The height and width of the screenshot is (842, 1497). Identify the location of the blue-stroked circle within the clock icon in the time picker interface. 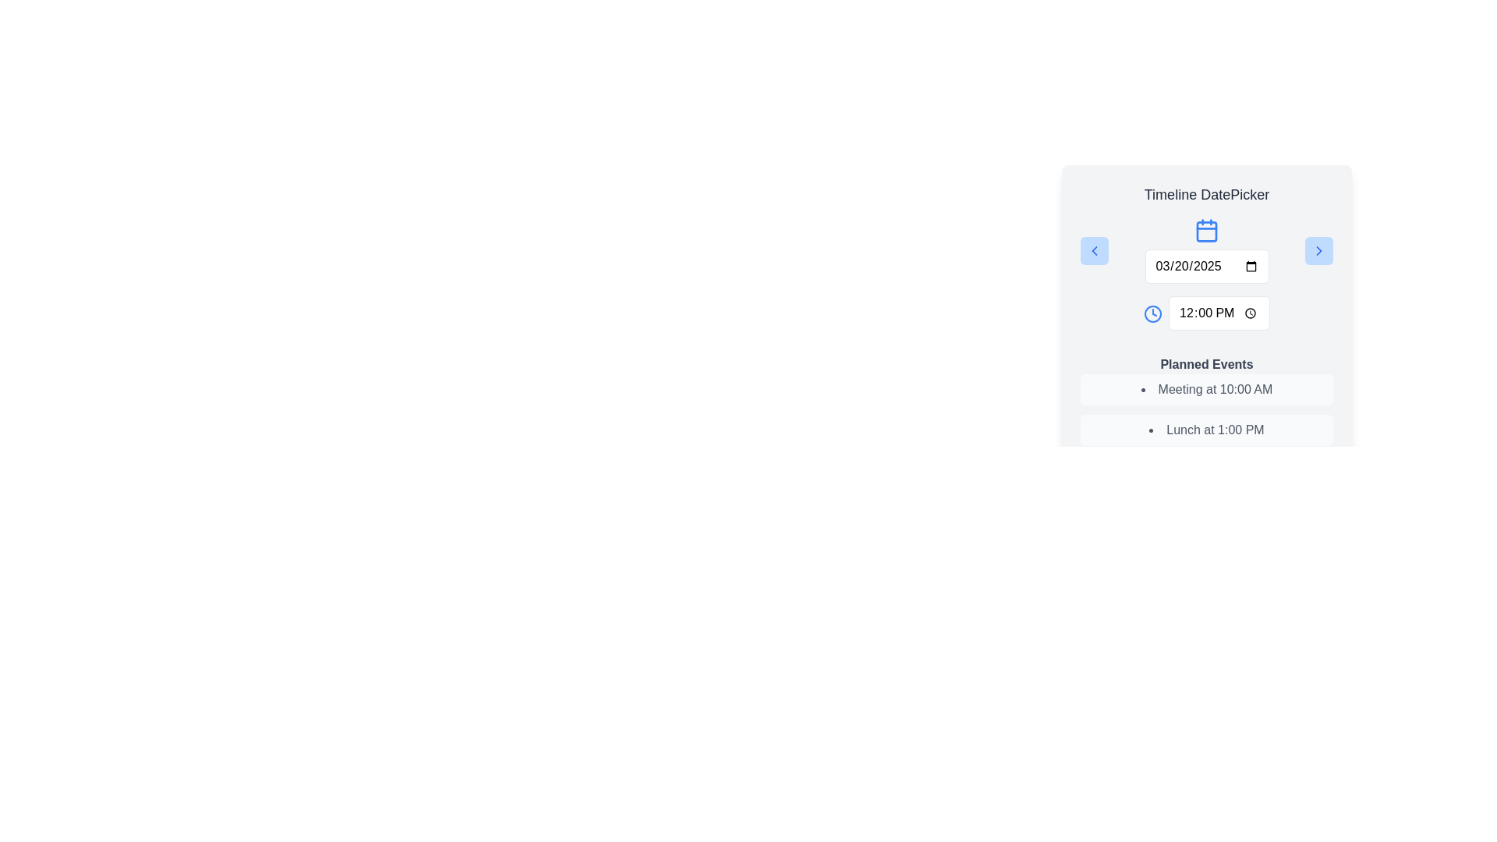
(1153, 313).